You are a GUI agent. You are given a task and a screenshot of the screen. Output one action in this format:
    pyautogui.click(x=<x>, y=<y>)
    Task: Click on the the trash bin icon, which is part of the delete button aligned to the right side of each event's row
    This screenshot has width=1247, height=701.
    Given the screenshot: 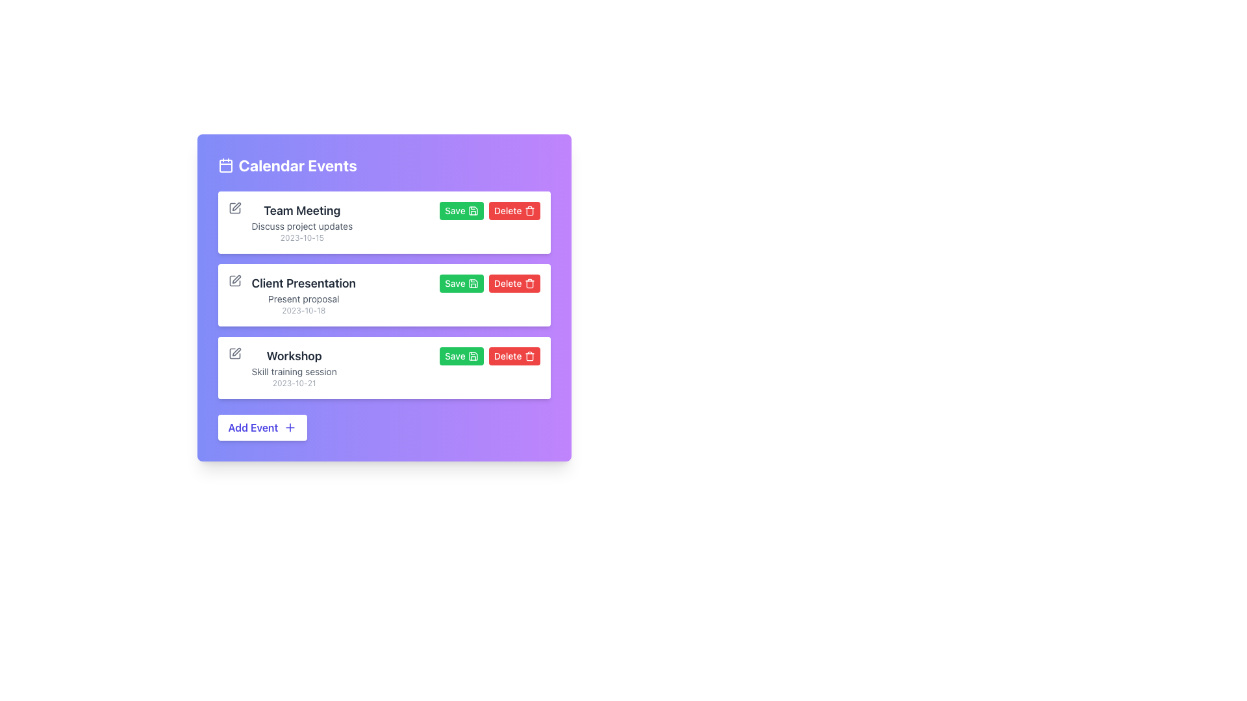 What is the action you would take?
    pyautogui.click(x=529, y=284)
    